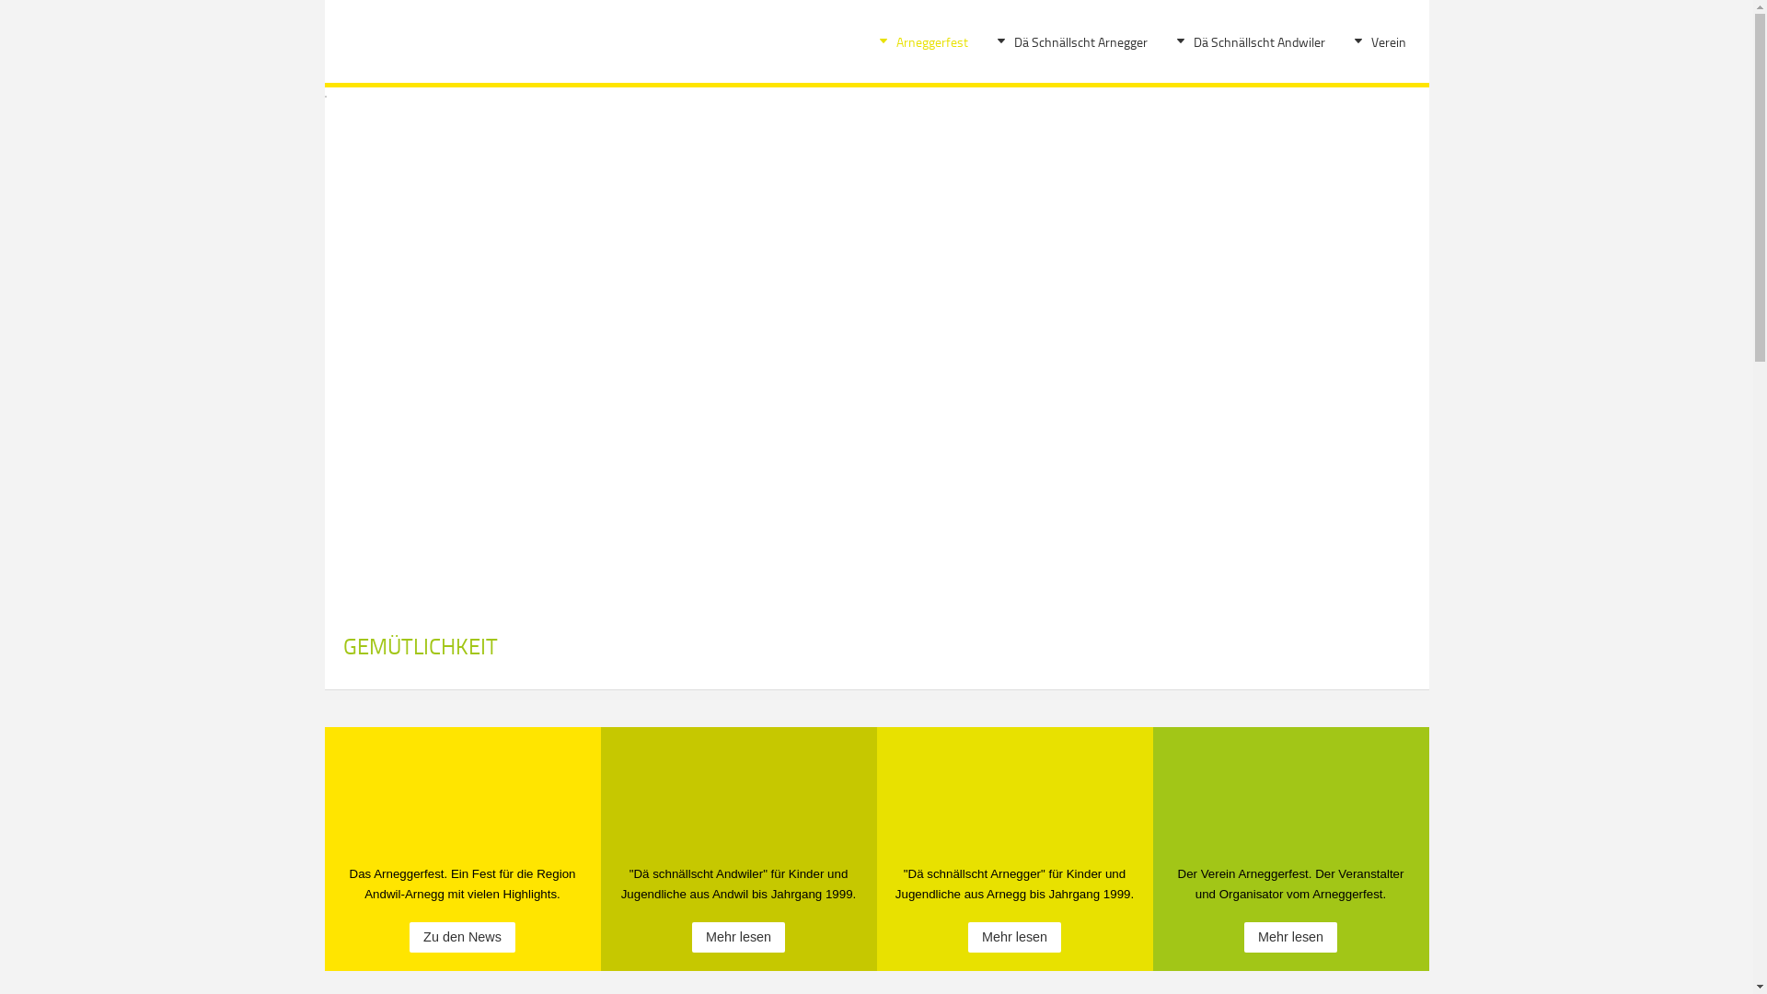 This screenshot has height=994, width=1767. Describe the element at coordinates (1013, 937) in the screenshot. I see `'Mehr lesen'` at that location.